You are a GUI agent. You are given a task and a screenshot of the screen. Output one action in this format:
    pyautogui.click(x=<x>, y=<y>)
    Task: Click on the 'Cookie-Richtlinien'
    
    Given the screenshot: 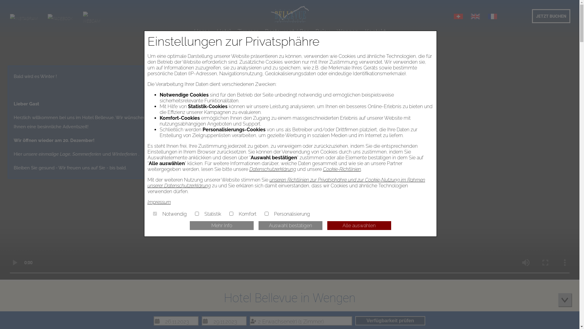 What is the action you would take?
    pyautogui.click(x=342, y=169)
    